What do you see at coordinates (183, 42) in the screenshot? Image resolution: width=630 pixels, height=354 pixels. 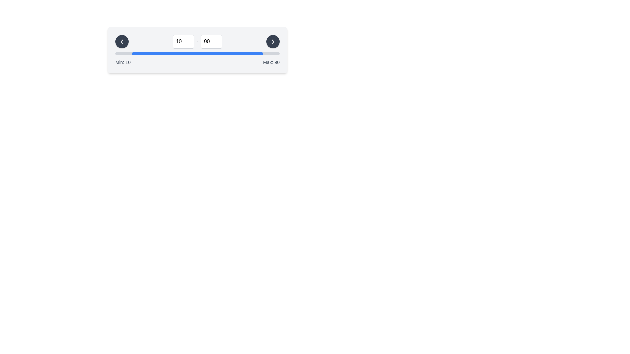 I see `the first number input field to focus and edit the number, which allows entering a value between 0 and 89` at bounding box center [183, 42].